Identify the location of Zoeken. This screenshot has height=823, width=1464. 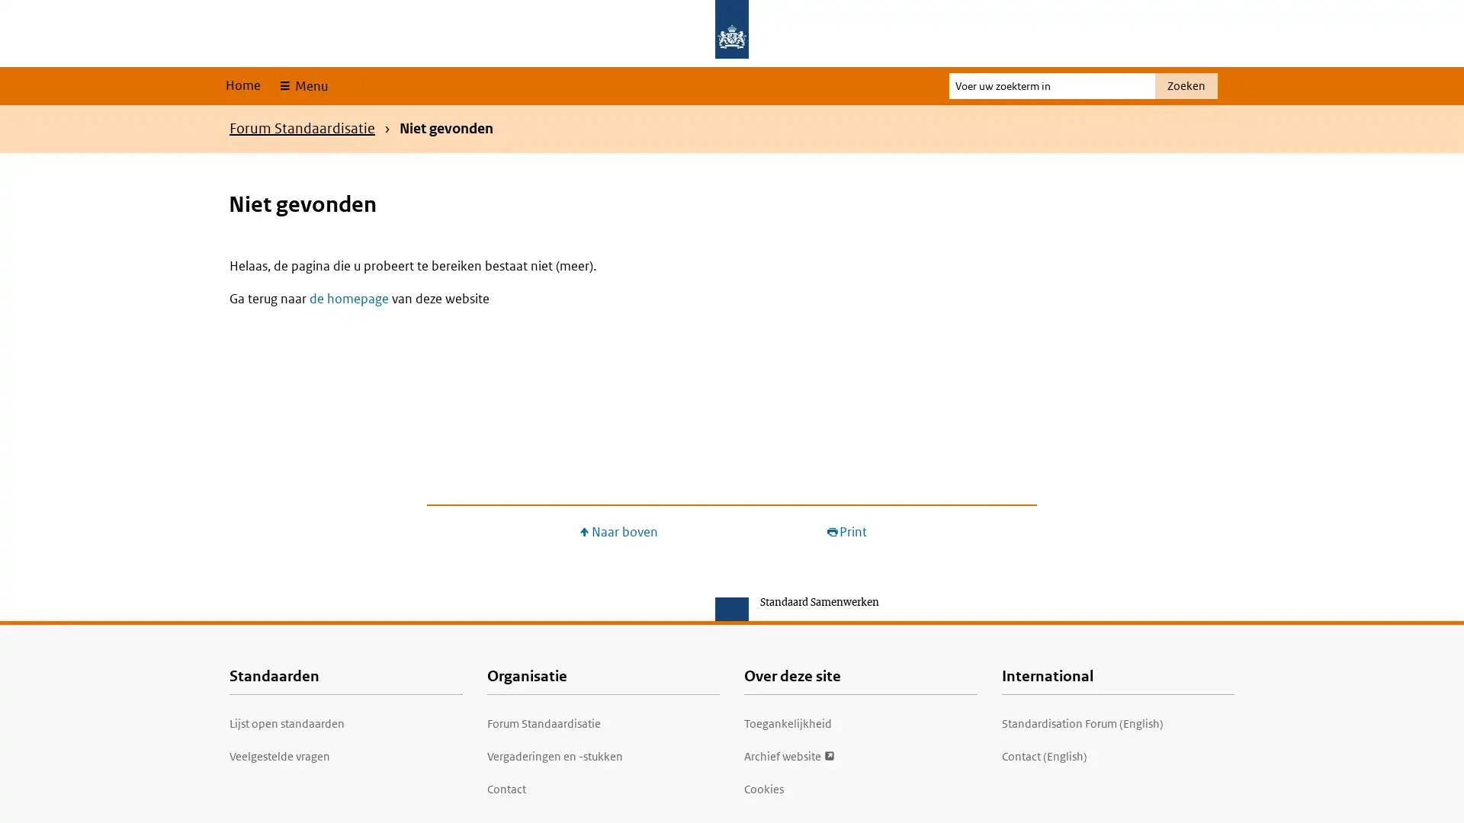
(1185, 85).